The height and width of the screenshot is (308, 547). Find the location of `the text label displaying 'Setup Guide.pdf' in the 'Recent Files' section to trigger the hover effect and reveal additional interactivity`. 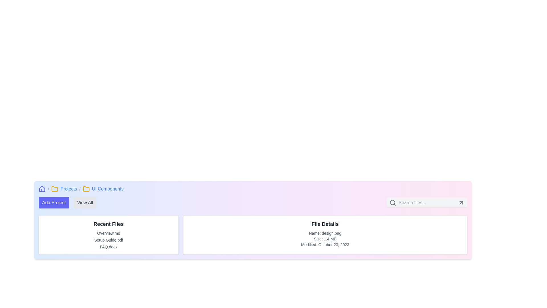

the text label displaying 'Setup Guide.pdf' in the 'Recent Files' section to trigger the hover effect and reveal additional interactivity is located at coordinates (109, 240).